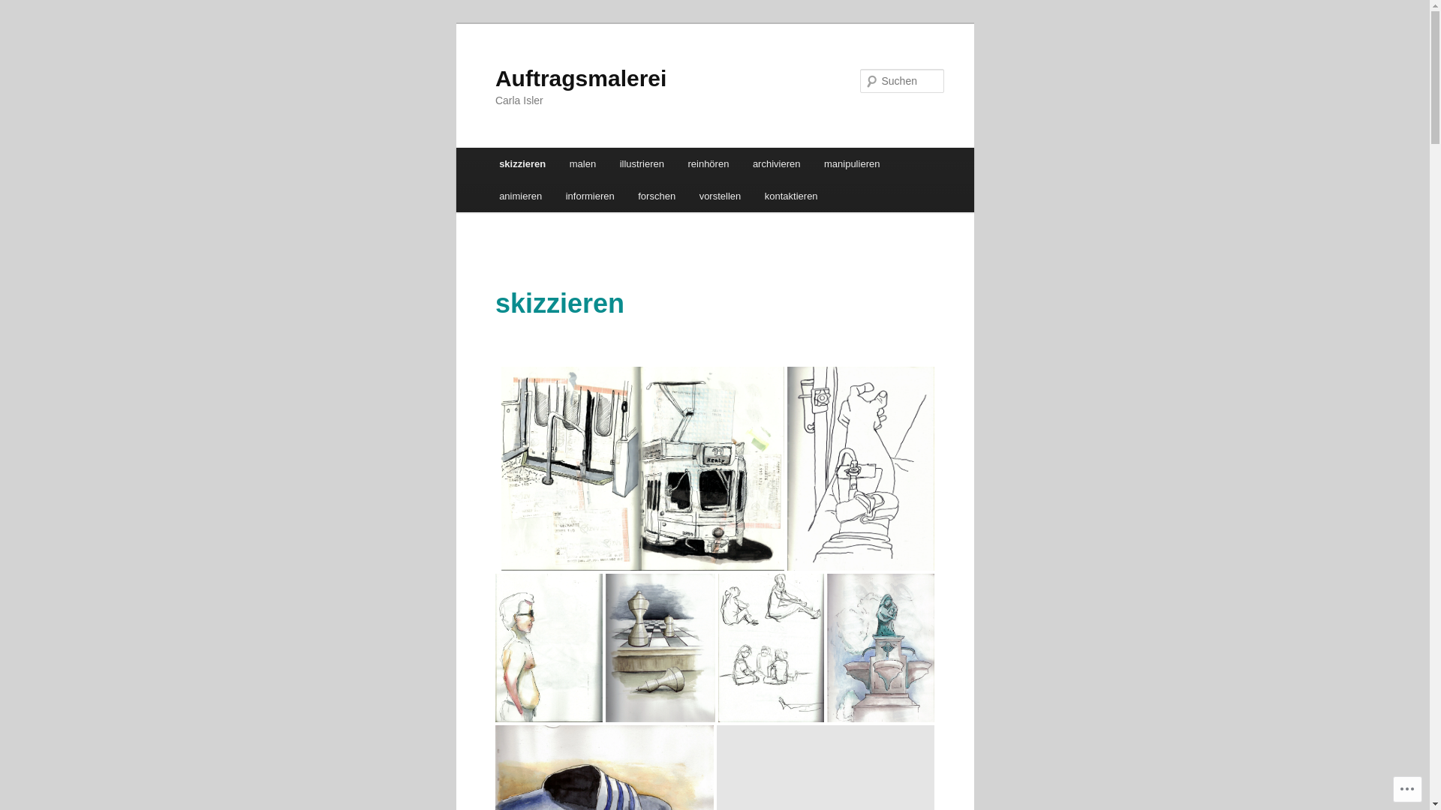  Describe the element at coordinates (776, 163) in the screenshot. I see `'archivieren'` at that location.